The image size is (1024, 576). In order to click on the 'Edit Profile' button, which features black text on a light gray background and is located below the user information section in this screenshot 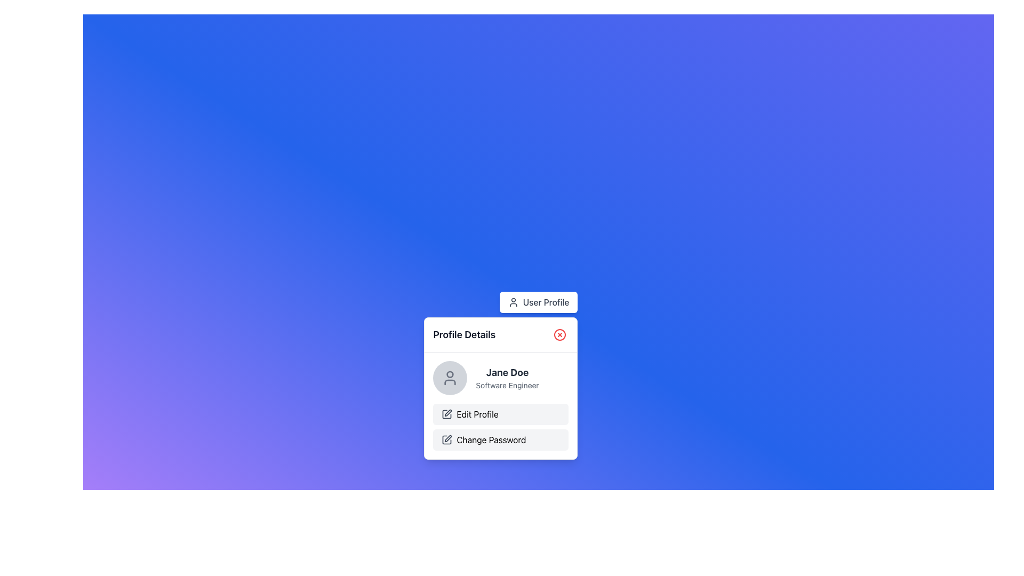, I will do `click(477, 413)`.